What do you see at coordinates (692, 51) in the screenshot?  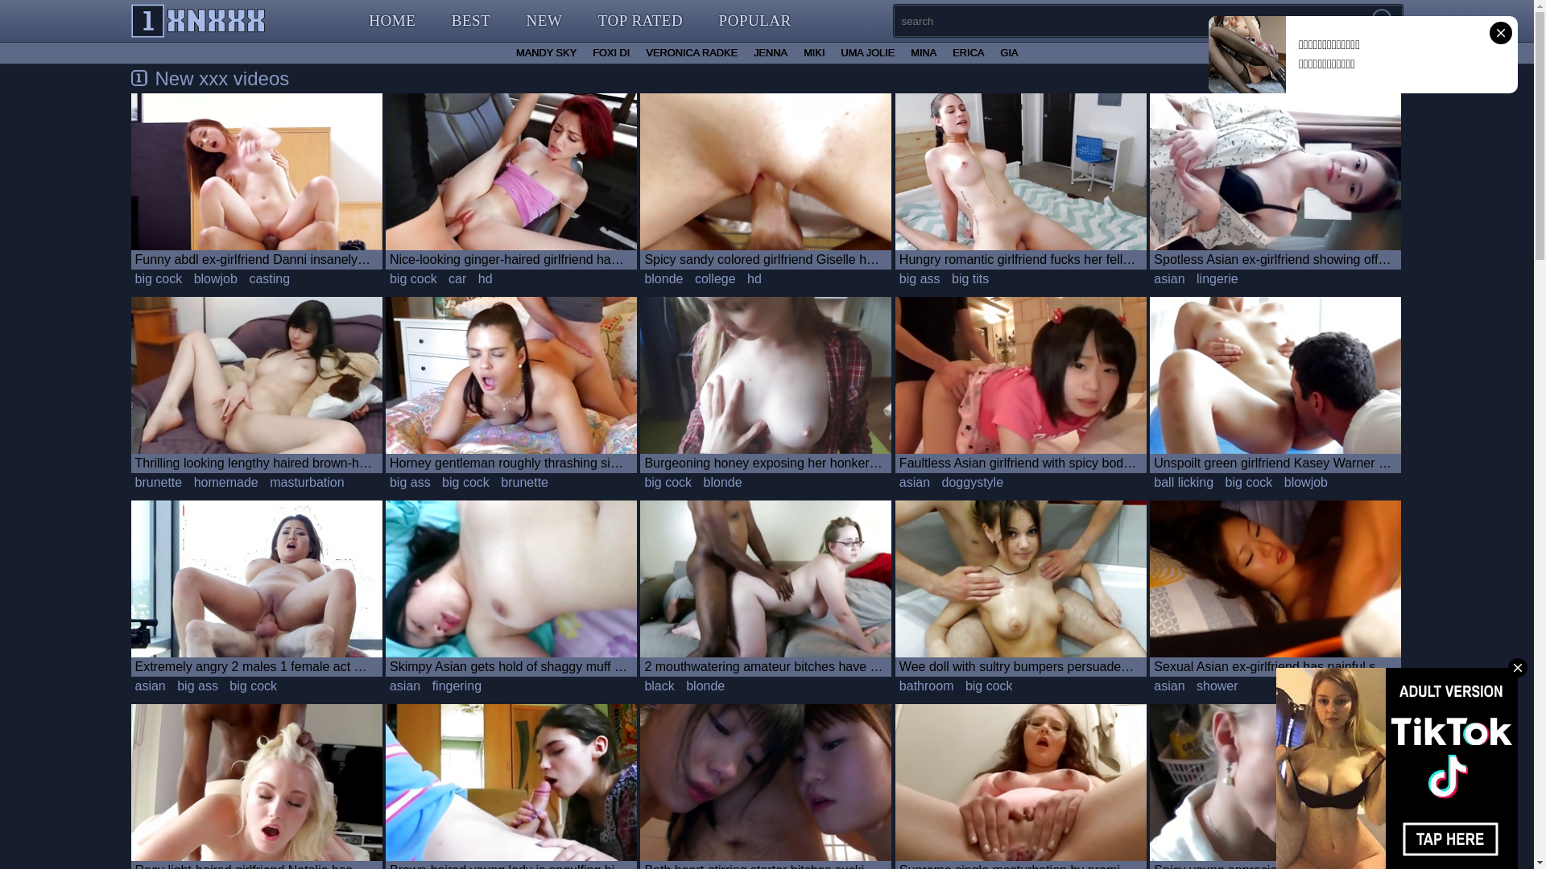 I see `'VERONICA RADKE'` at bounding box center [692, 51].